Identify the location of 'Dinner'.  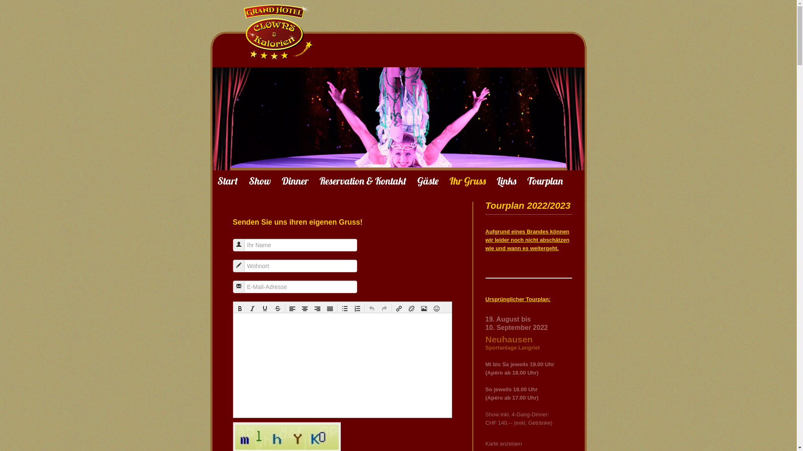
(295, 180).